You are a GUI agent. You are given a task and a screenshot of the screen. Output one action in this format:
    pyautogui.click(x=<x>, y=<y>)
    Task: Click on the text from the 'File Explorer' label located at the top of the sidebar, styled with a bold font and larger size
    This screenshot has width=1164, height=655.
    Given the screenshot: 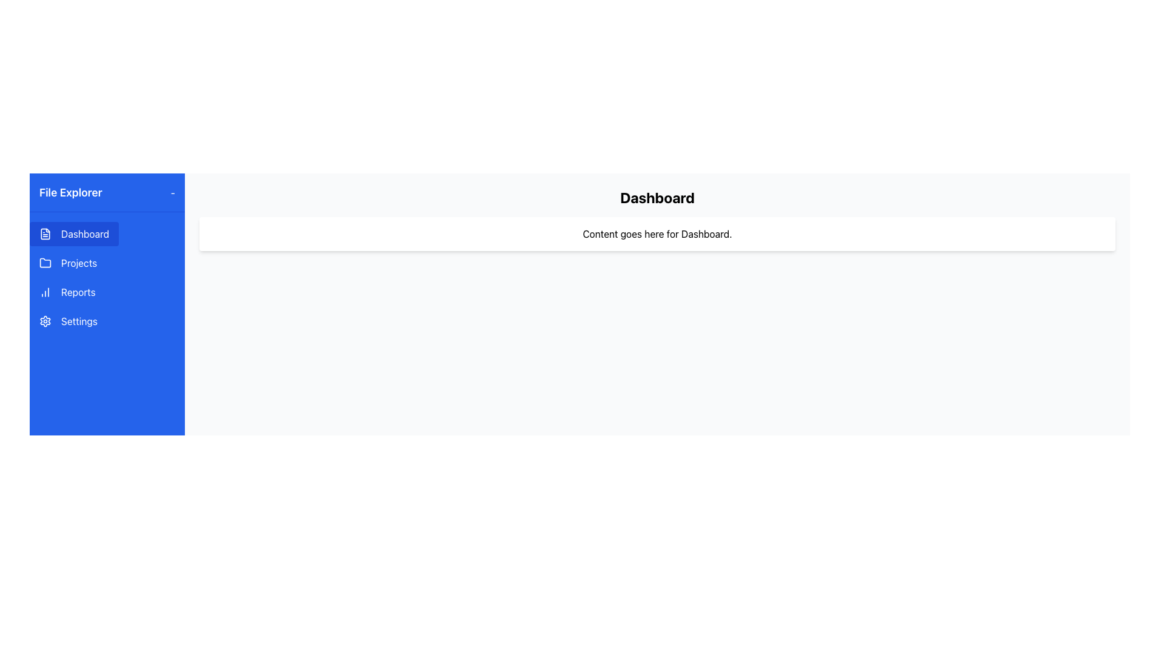 What is the action you would take?
    pyautogui.click(x=70, y=192)
    